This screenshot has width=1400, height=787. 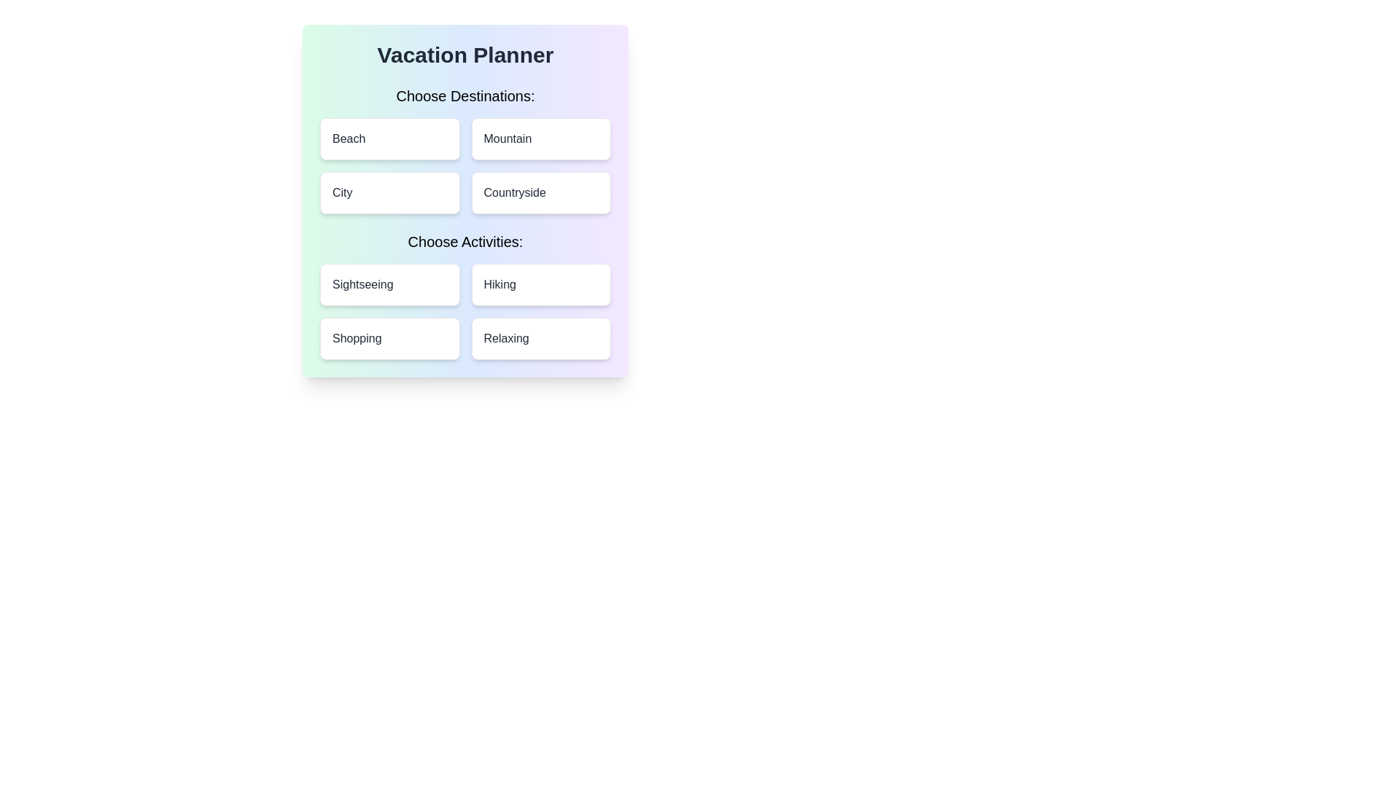 I want to click on the rectangular button labeled 'City' with rounded corners located under the 'Beach' button in the 'Choose Destinations' section, so click(x=389, y=192).